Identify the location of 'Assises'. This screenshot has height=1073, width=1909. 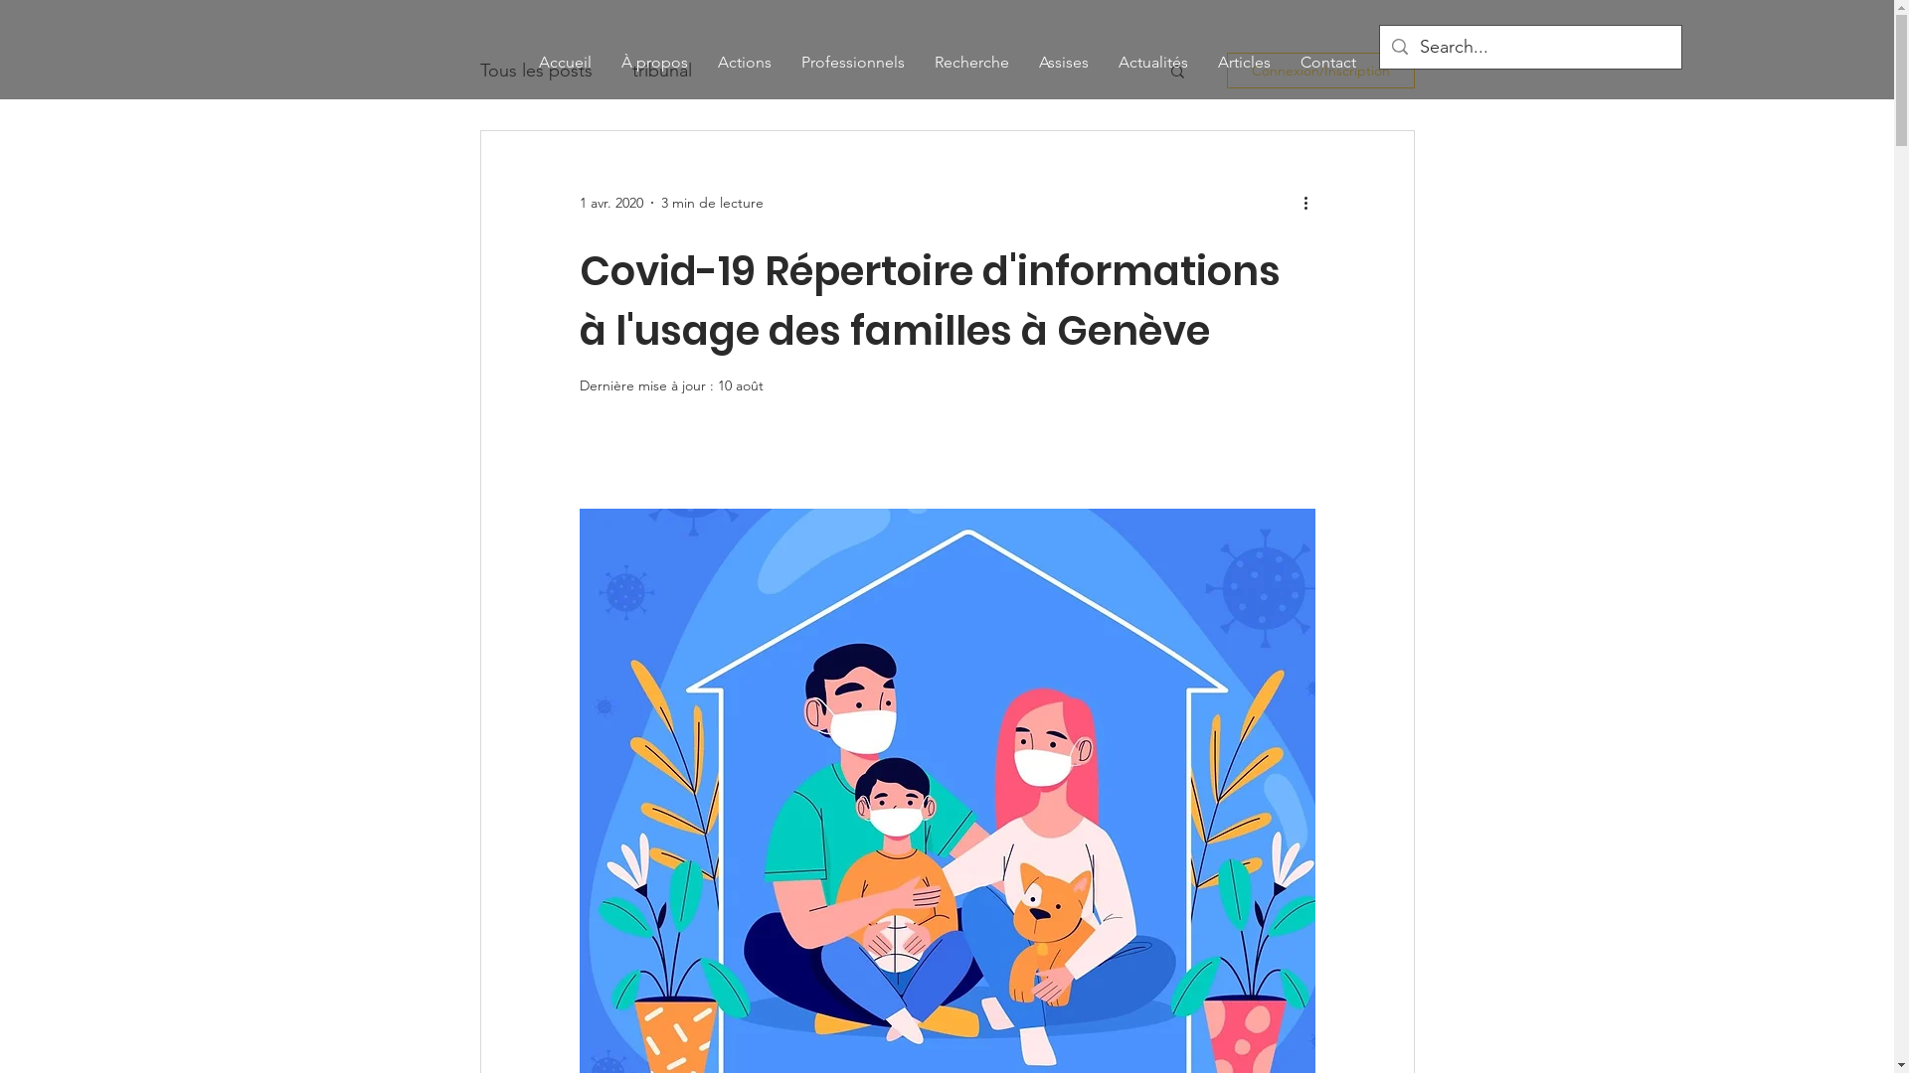
(1063, 61).